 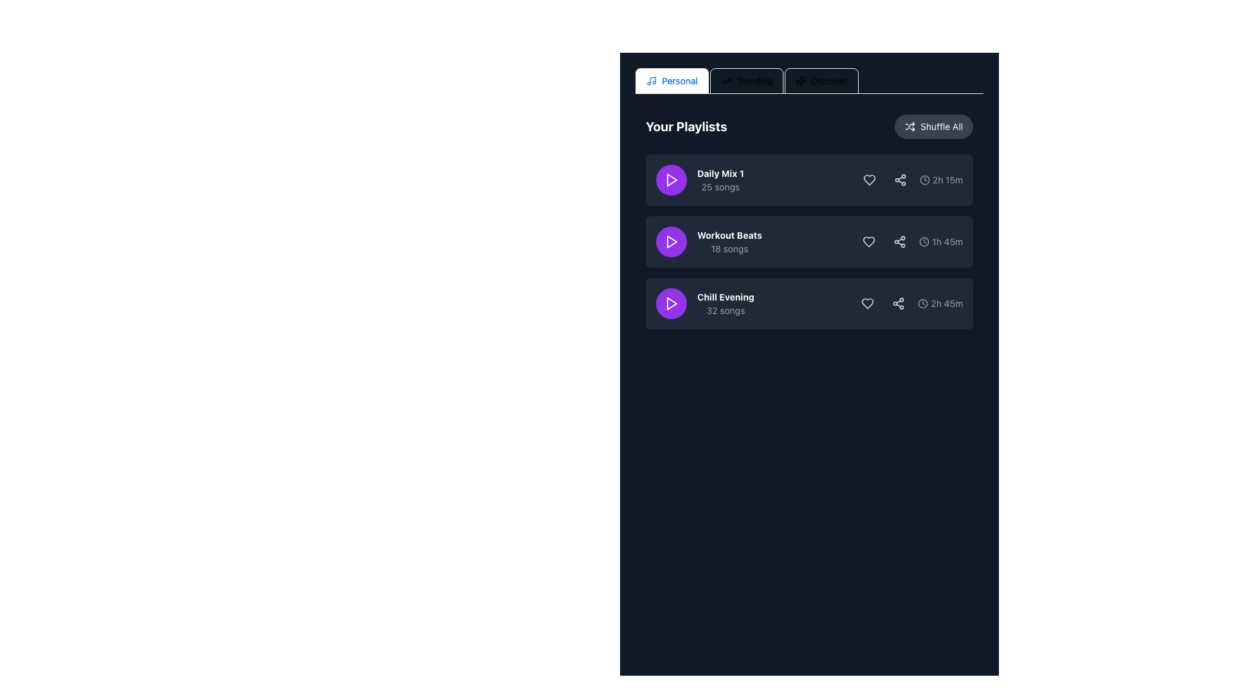 What do you see at coordinates (899, 241) in the screenshot?
I see `the sharing button located to the right of the heart-shaped icon and just before the time indicator for the 'Workout Beats' playlist` at bounding box center [899, 241].